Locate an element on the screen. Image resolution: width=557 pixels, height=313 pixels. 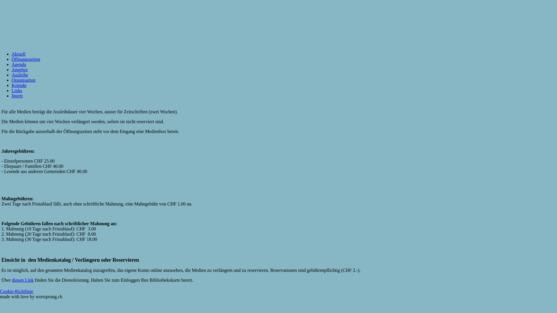
'Cookie-Richtlinie' is located at coordinates (17, 291).